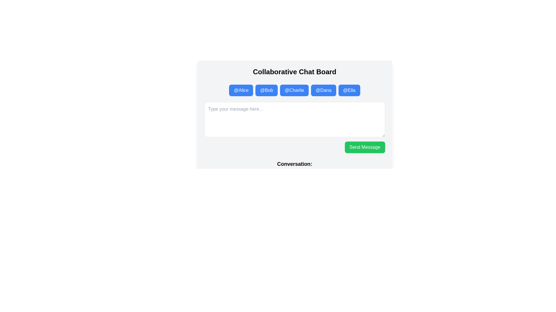 The width and height of the screenshot is (556, 312). I want to click on the button representing user '@Charlie' in the chat application and press 'Enter', so click(294, 90).